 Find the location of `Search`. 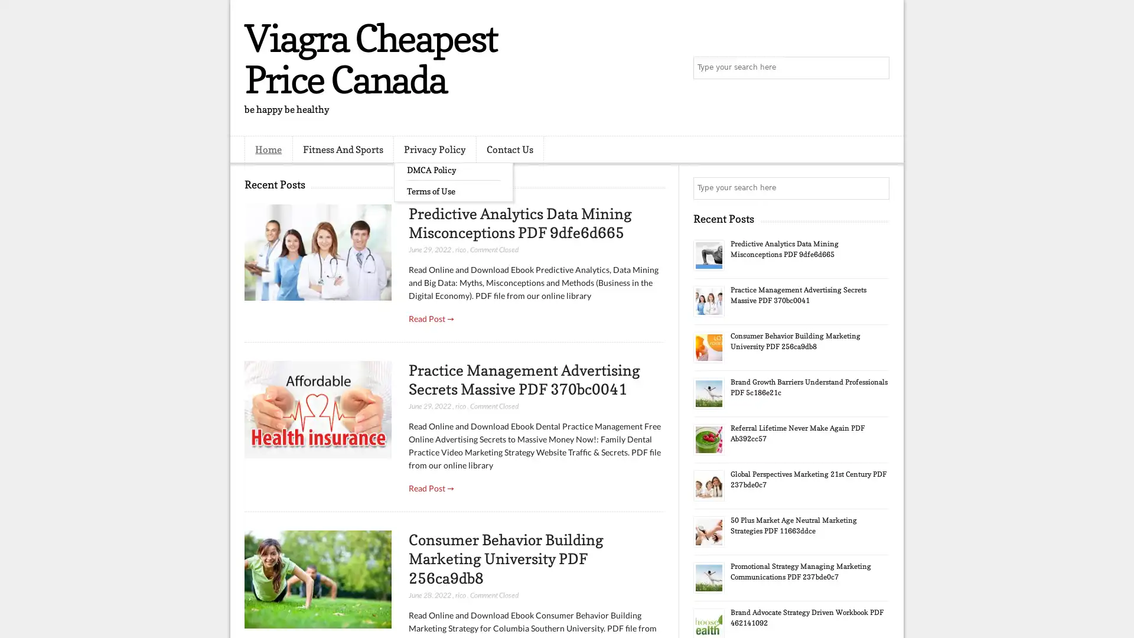

Search is located at coordinates (877, 68).